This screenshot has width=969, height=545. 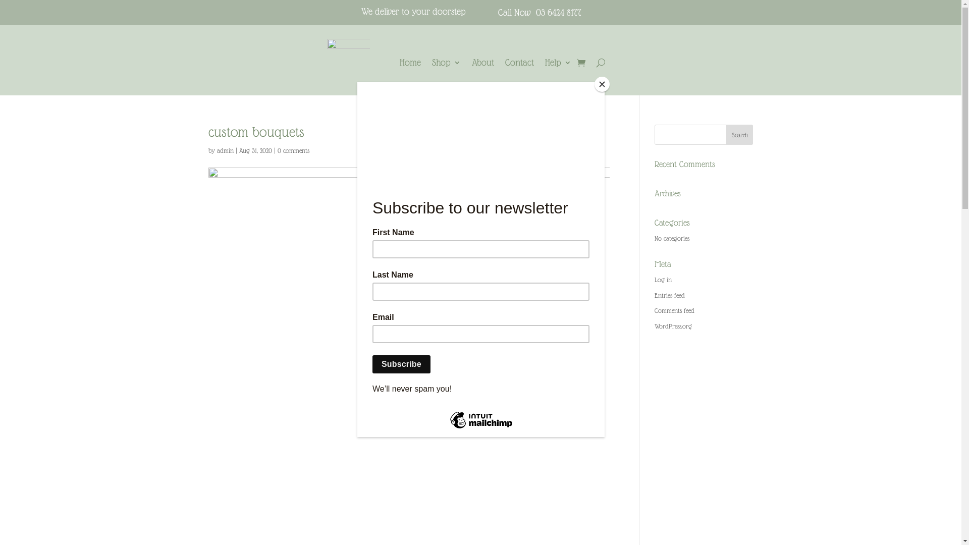 What do you see at coordinates (471, 64) in the screenshot?
I see `'About'` at bounding box center [471, 64].